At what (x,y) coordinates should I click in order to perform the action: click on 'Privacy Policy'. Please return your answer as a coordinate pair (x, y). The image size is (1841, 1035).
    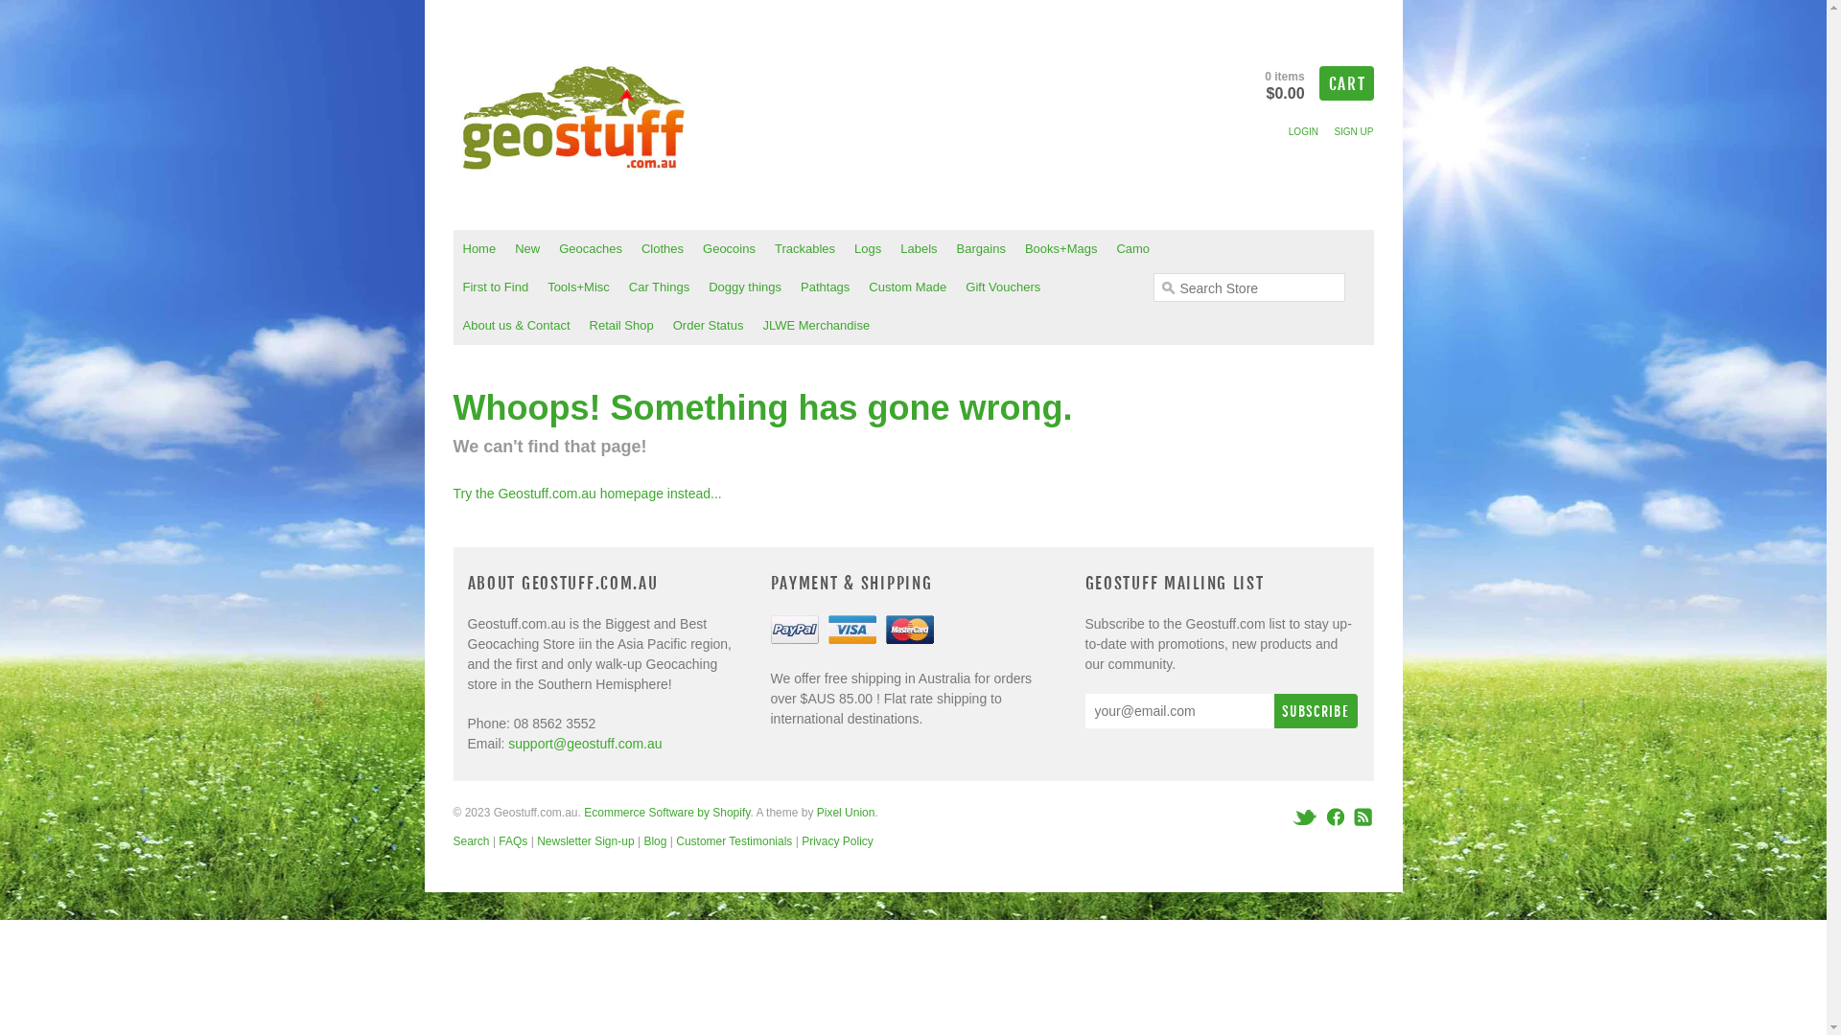
    Looking at the image, I should click on (837, 840).